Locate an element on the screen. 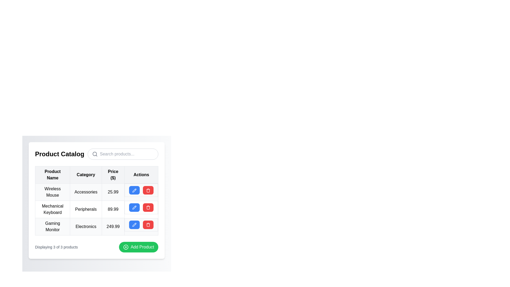  the text label displaying 'Electronics' in the second cell of the 'Category' column of the table is located at coordinates (86, 226).